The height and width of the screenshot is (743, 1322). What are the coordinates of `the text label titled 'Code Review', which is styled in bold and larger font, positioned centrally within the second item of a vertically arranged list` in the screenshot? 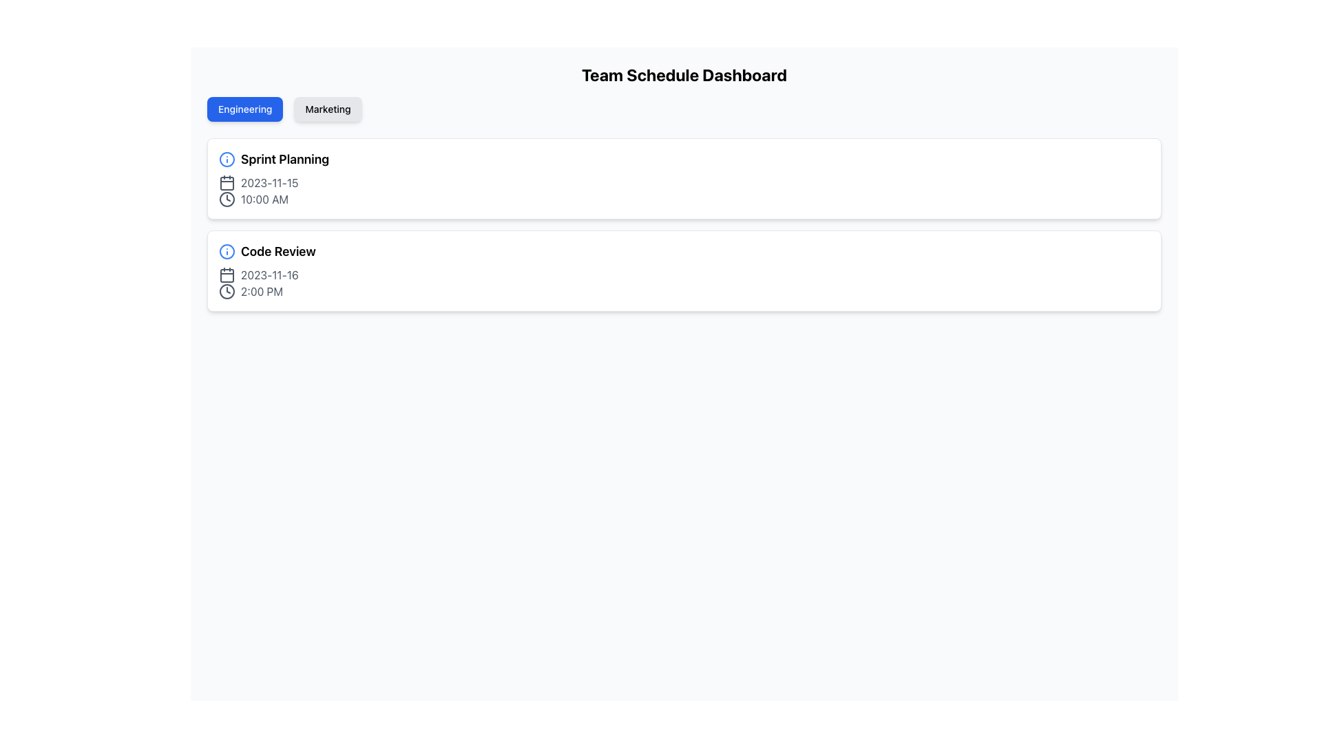 It's located at (277, 252).